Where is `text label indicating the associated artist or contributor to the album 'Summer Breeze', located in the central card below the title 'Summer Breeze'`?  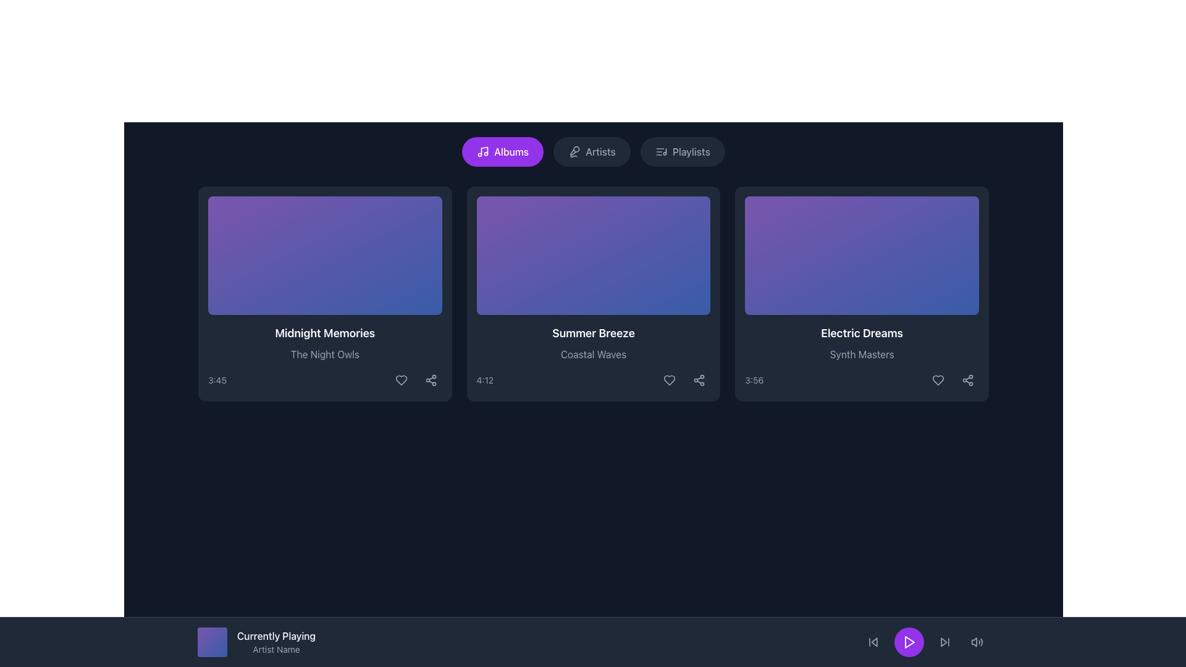 text label indicating the associated artist or contributor to the album 'Summer Breeze', located in the central card below the title 'Summer Breeze' is located at coordinates (593, 354).